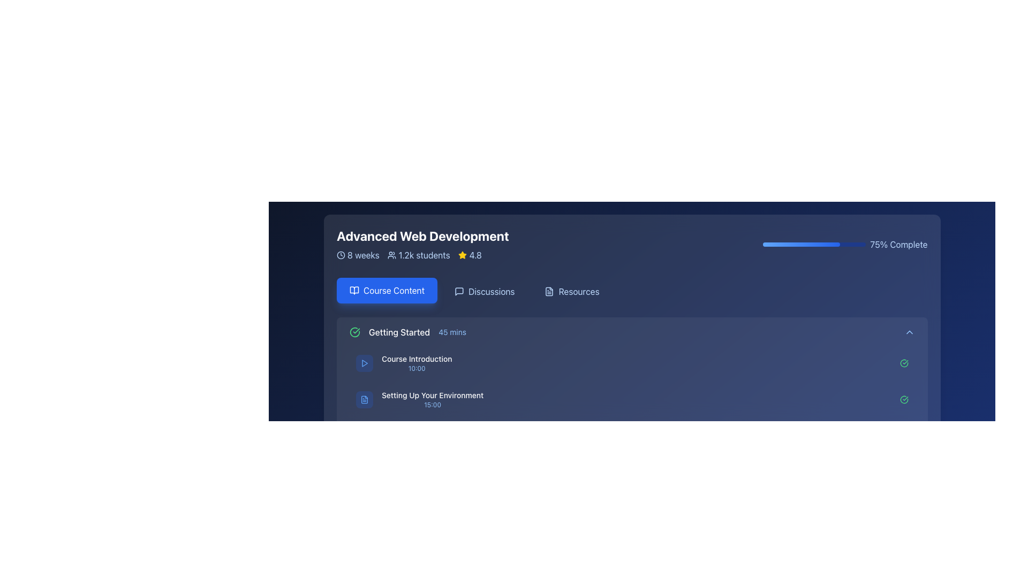  Describe the element at coordinates (470, 255) in the screenshot. I see `text value '4.8' from the Rating Indicator, which consists of a yellow star icon positioned to the left of the text on a dark blue background under the heading 'Advanced Web Development'` at that location.